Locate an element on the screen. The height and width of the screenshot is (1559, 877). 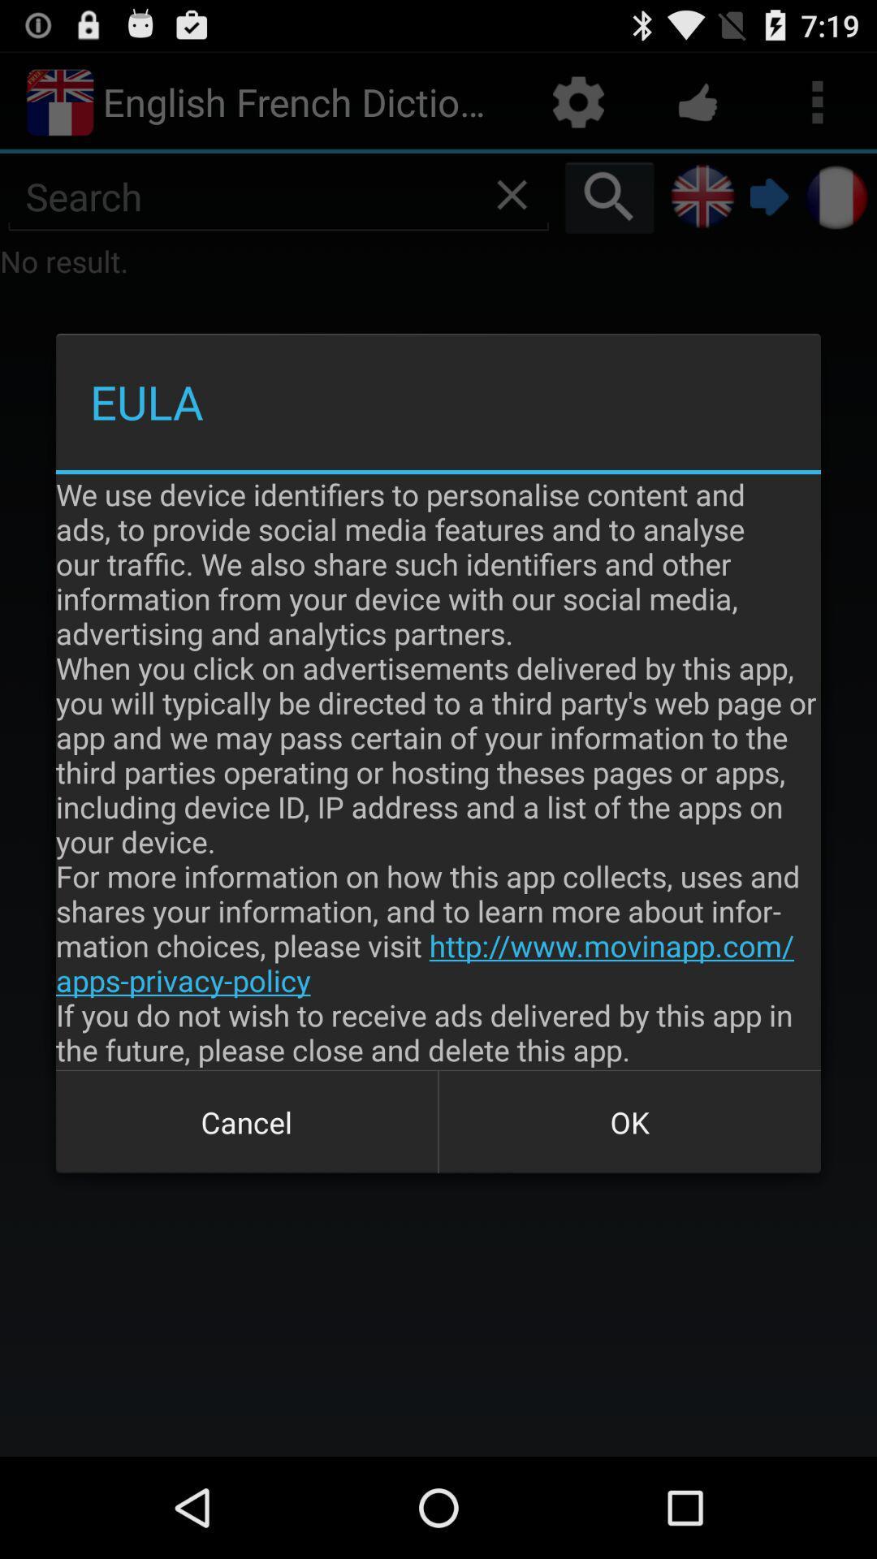
the icon at the bottom right corner is located at coordinates (629, 1121).